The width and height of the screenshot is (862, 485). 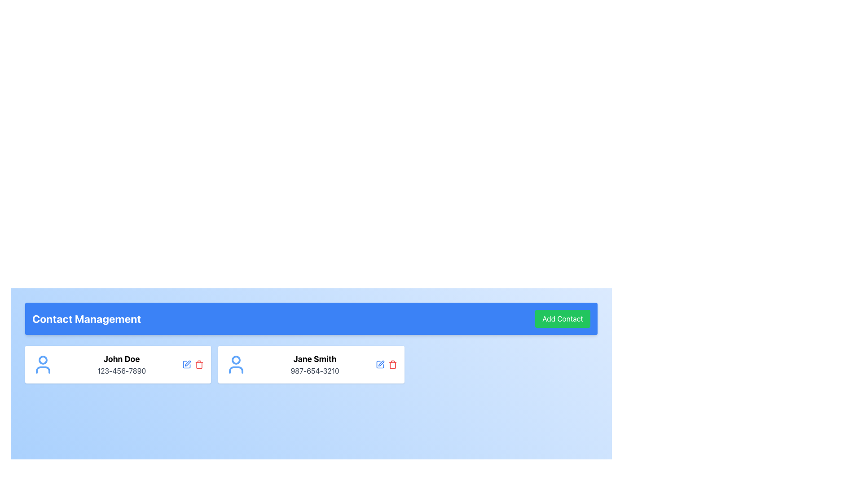 What do you see at coordinates (43, 365) in the screenshot?
I see `the user icon, which is a compact, minimalistic representation of a person with a circular head and blue body, located at the top-left corner of the card containing contact information for 'John Doe'` at bounding box center [43, 365].